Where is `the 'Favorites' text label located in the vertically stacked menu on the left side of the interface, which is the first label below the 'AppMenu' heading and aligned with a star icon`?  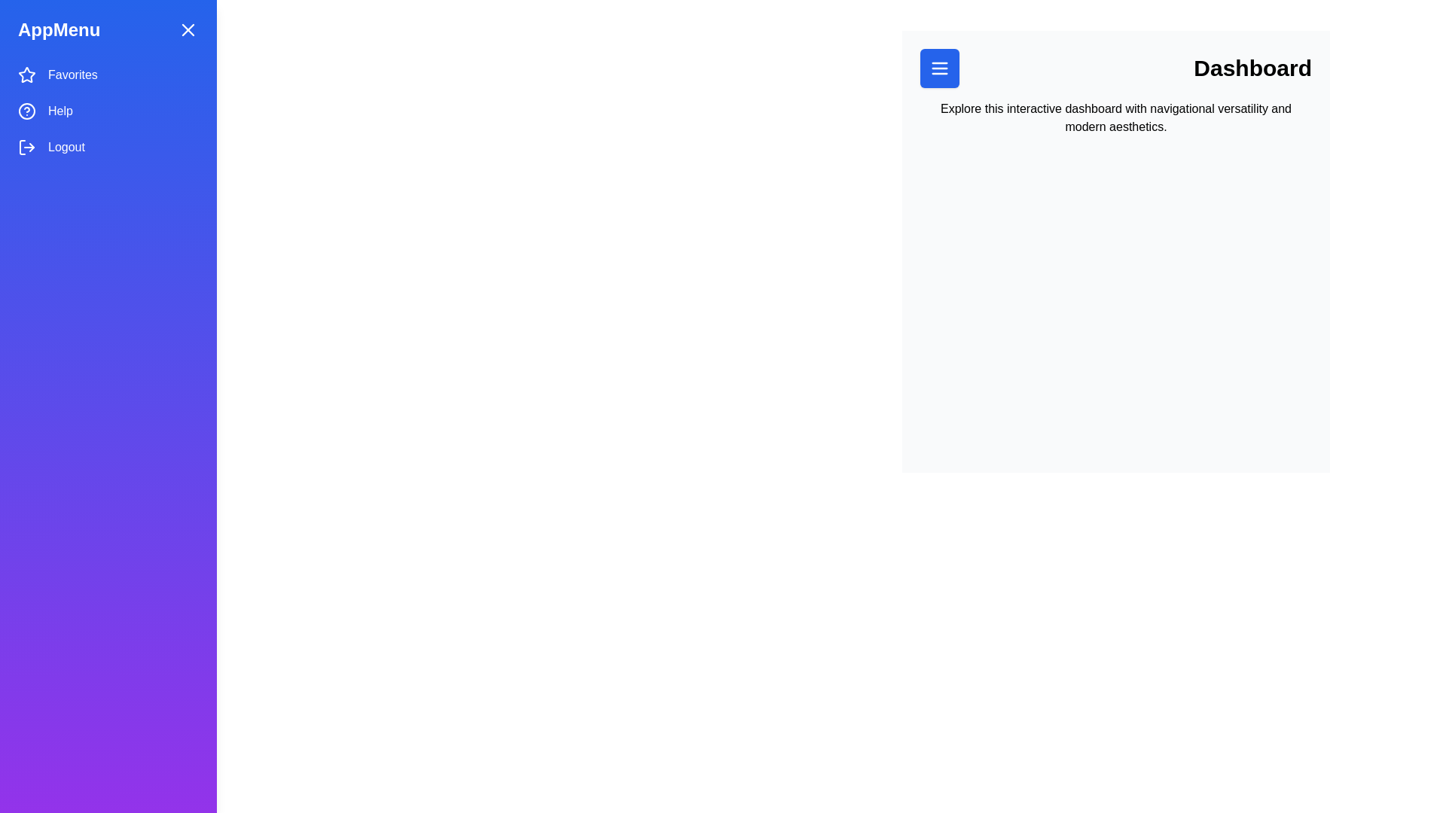
the 'Favorites' text label located in the vertically stacked menu on the left side of the interface, which is the first label below the 'AppMenu' heading and aligned with a star icon is located at coordinates (72, 75).